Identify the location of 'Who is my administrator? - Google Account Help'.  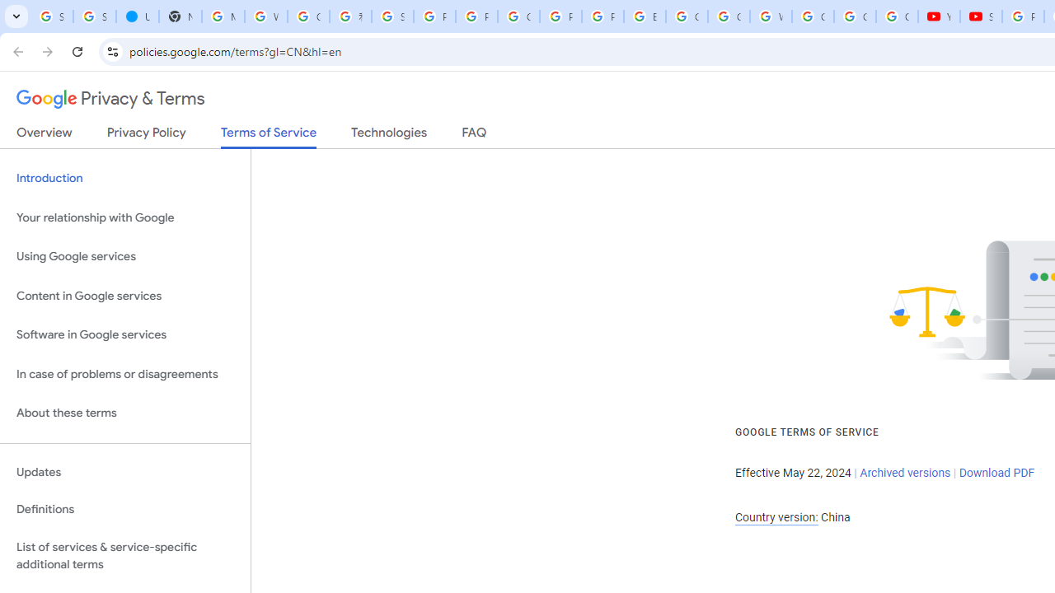
(266, 16).